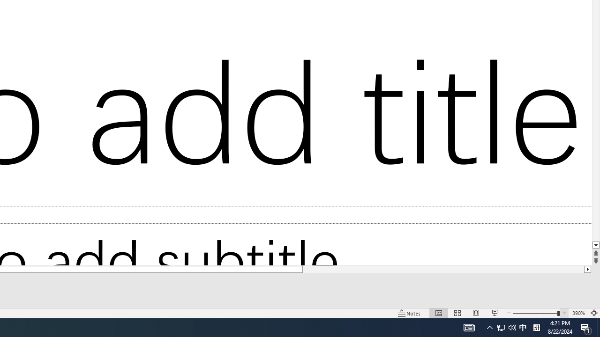 Image resolution: width=600 pixels, height=337 pixels. I want to click on 'Slide Sorter', so click(457, 313).